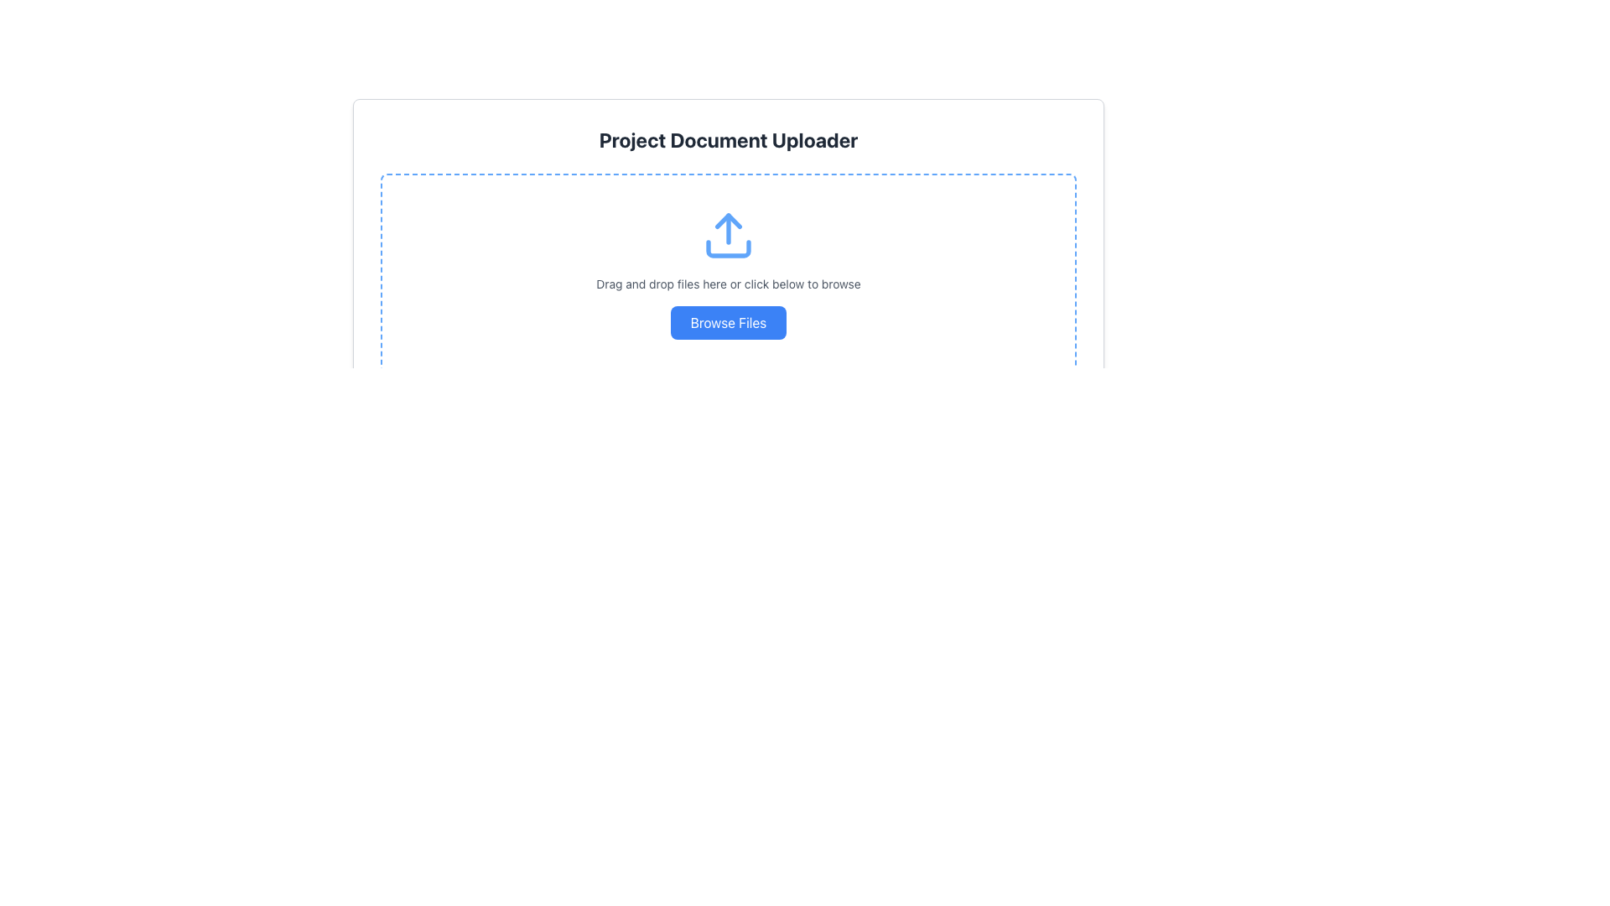 The image size is (1610, 906). I want to click on the Text header that serves as the title for the uploader interface, which is positioned at the top center inside a rounded white box with shadow and border styling, so click(728, 138).